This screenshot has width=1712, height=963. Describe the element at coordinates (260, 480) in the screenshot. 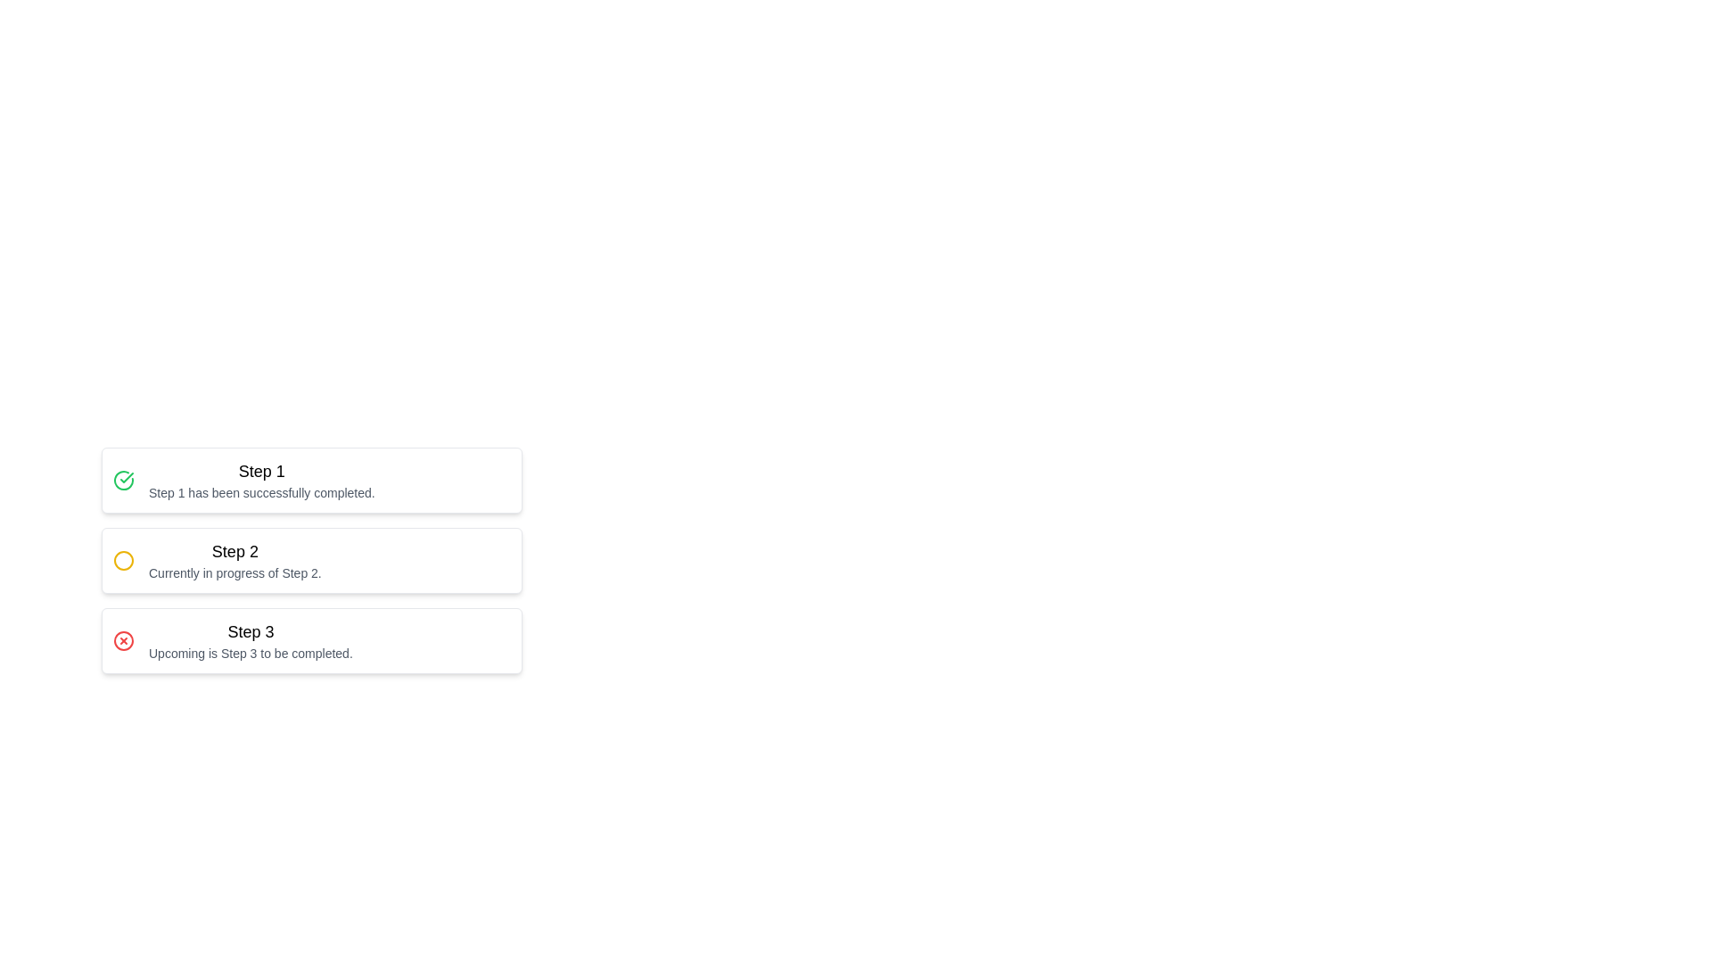

I see `the status text displayed in the topmost card, which includes the title 'Step 1' and the description 'Step 1 has been successfully completed.'` at that location.